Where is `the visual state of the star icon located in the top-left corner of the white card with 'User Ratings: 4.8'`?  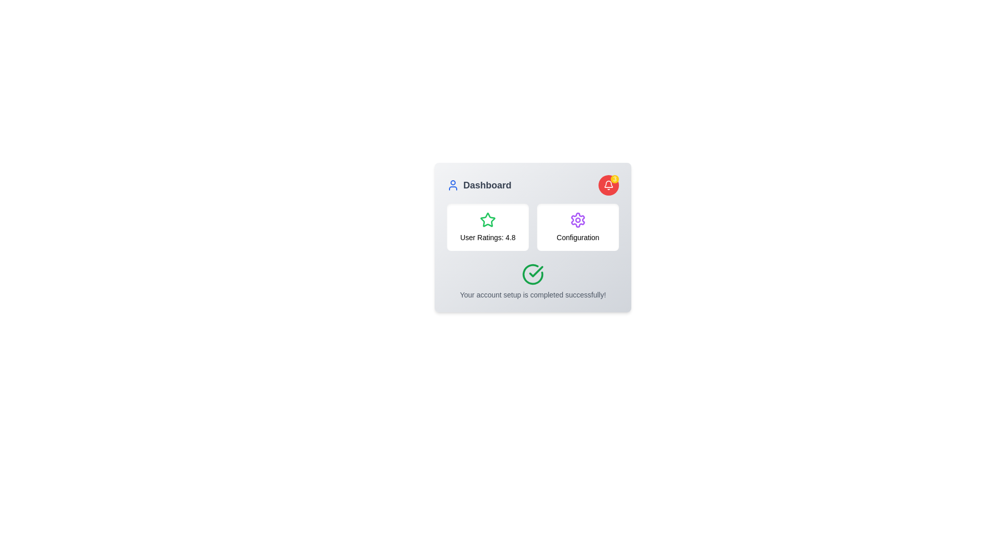 the visual state of the star icon located in the top-left corner of the white card with 'User Ratings: 4.8' is located at coordinates (487, 219).